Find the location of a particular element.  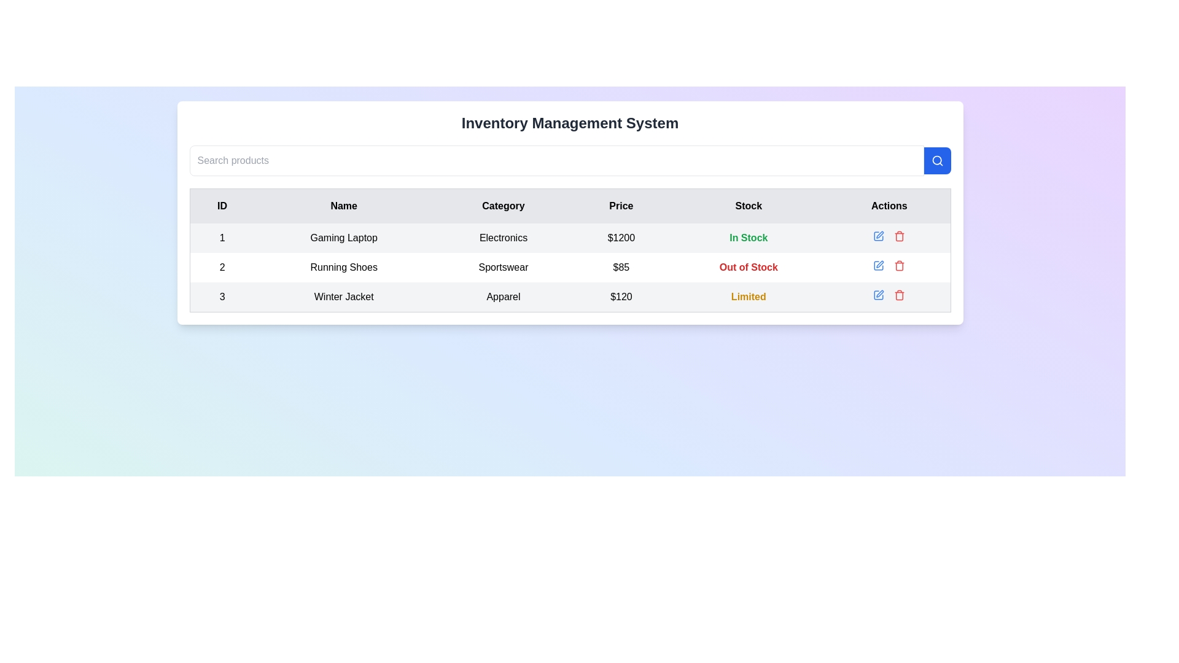

product information displayed in the table row for 'Running Shoes', which includes category, price, and stock status is located at coordinates (569, 266).